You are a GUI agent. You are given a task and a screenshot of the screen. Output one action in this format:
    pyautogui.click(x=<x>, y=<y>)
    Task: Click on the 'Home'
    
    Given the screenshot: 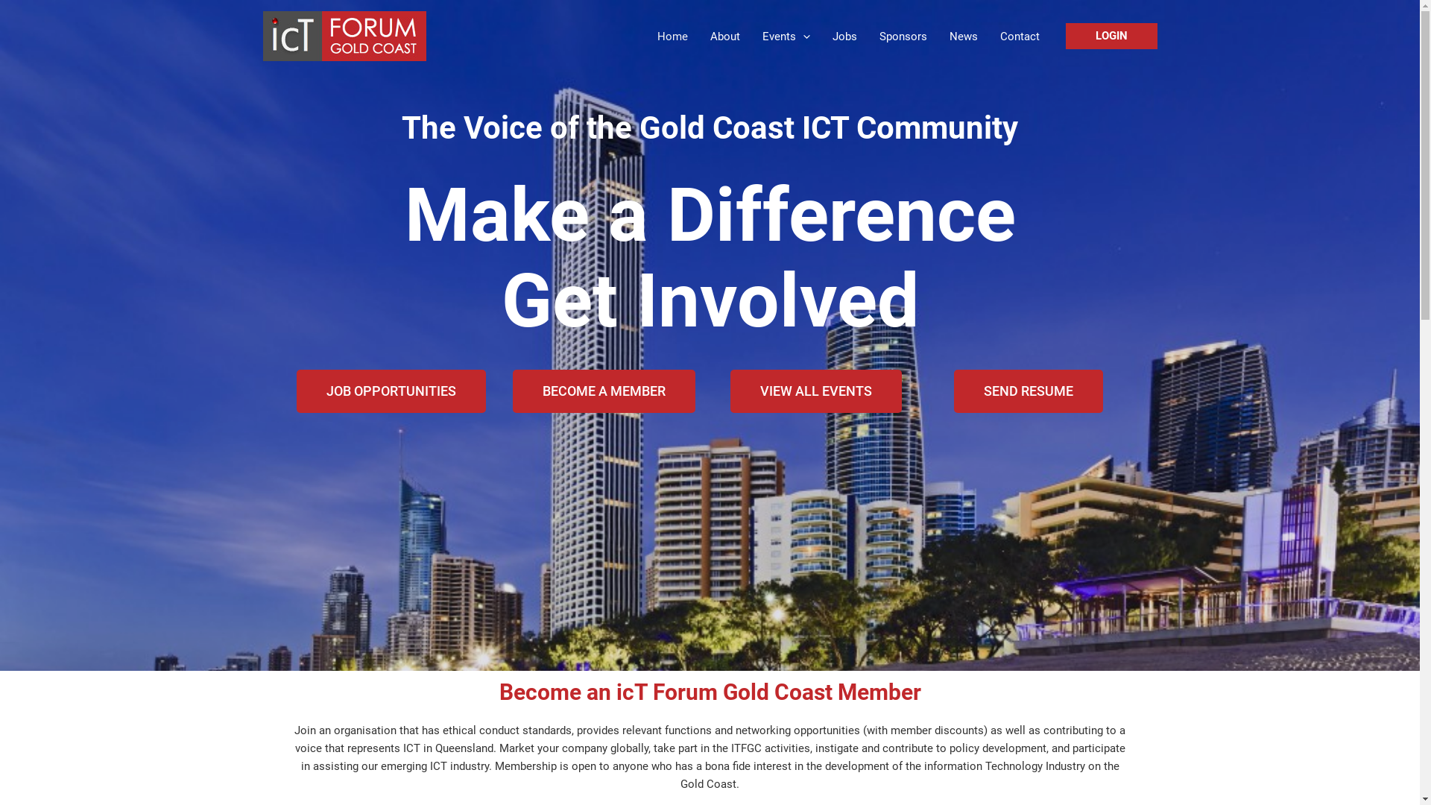 What is the action you would take?
    pyautogui.click(x=671, y=36)
    